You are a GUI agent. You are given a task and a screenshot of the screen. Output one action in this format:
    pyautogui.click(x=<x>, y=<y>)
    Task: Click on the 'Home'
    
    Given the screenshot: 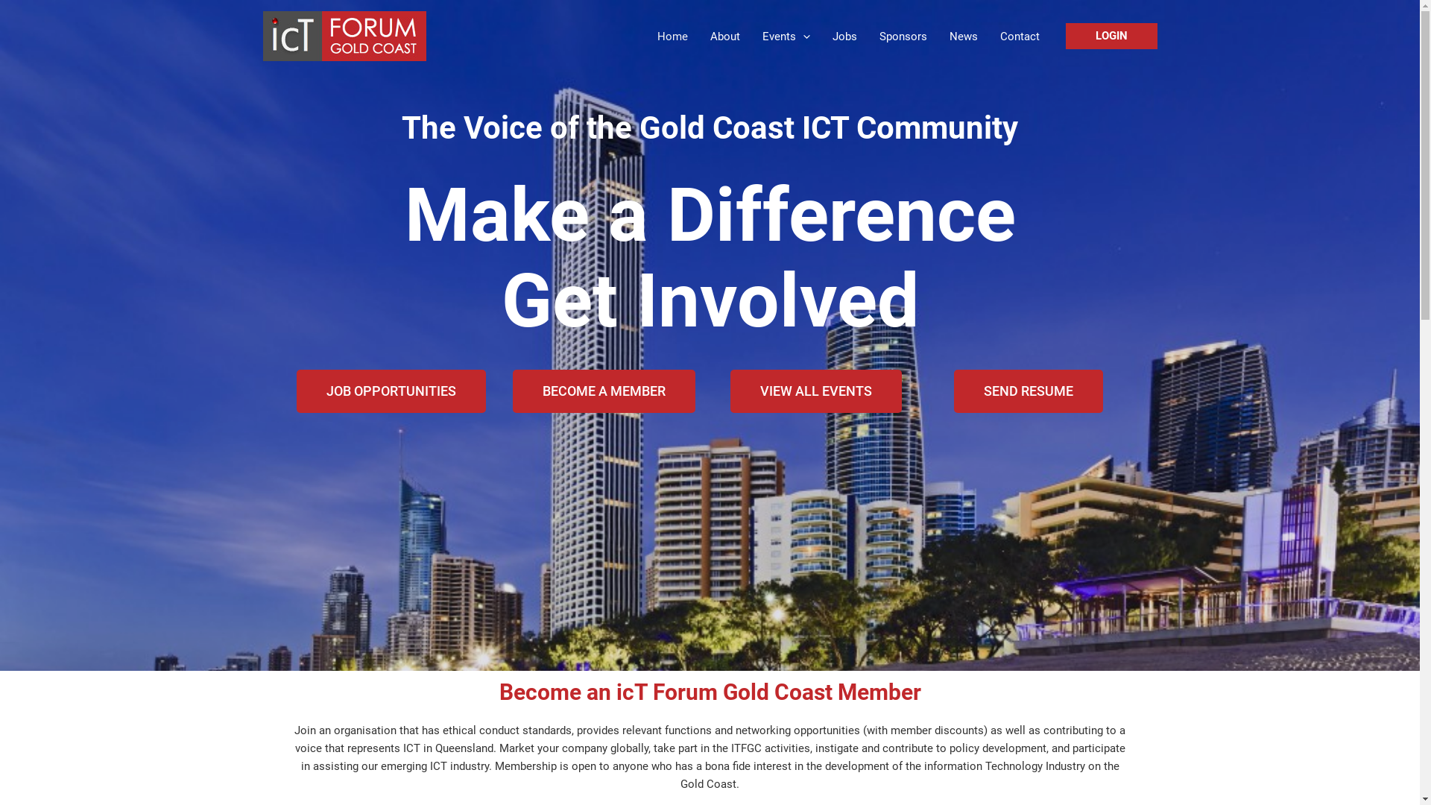 What is the action you would take?
    pyautogui.click(x=671, y=36)
    